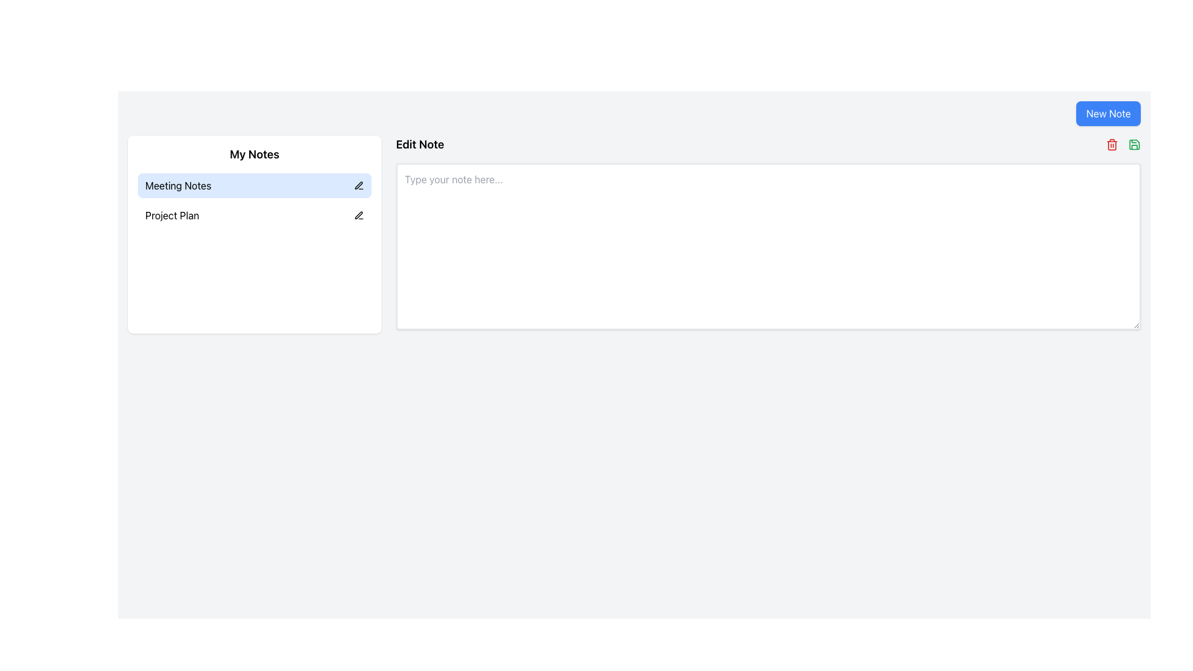 The width and height of the screenshot is (1193, 671). What do you see at coordinates (358, 185) in the screenshot?
I see `the edit action marker icon located to the right of the 'Meeting Notes' text in the 'My Notes' section` at bounding box center [358, 185].